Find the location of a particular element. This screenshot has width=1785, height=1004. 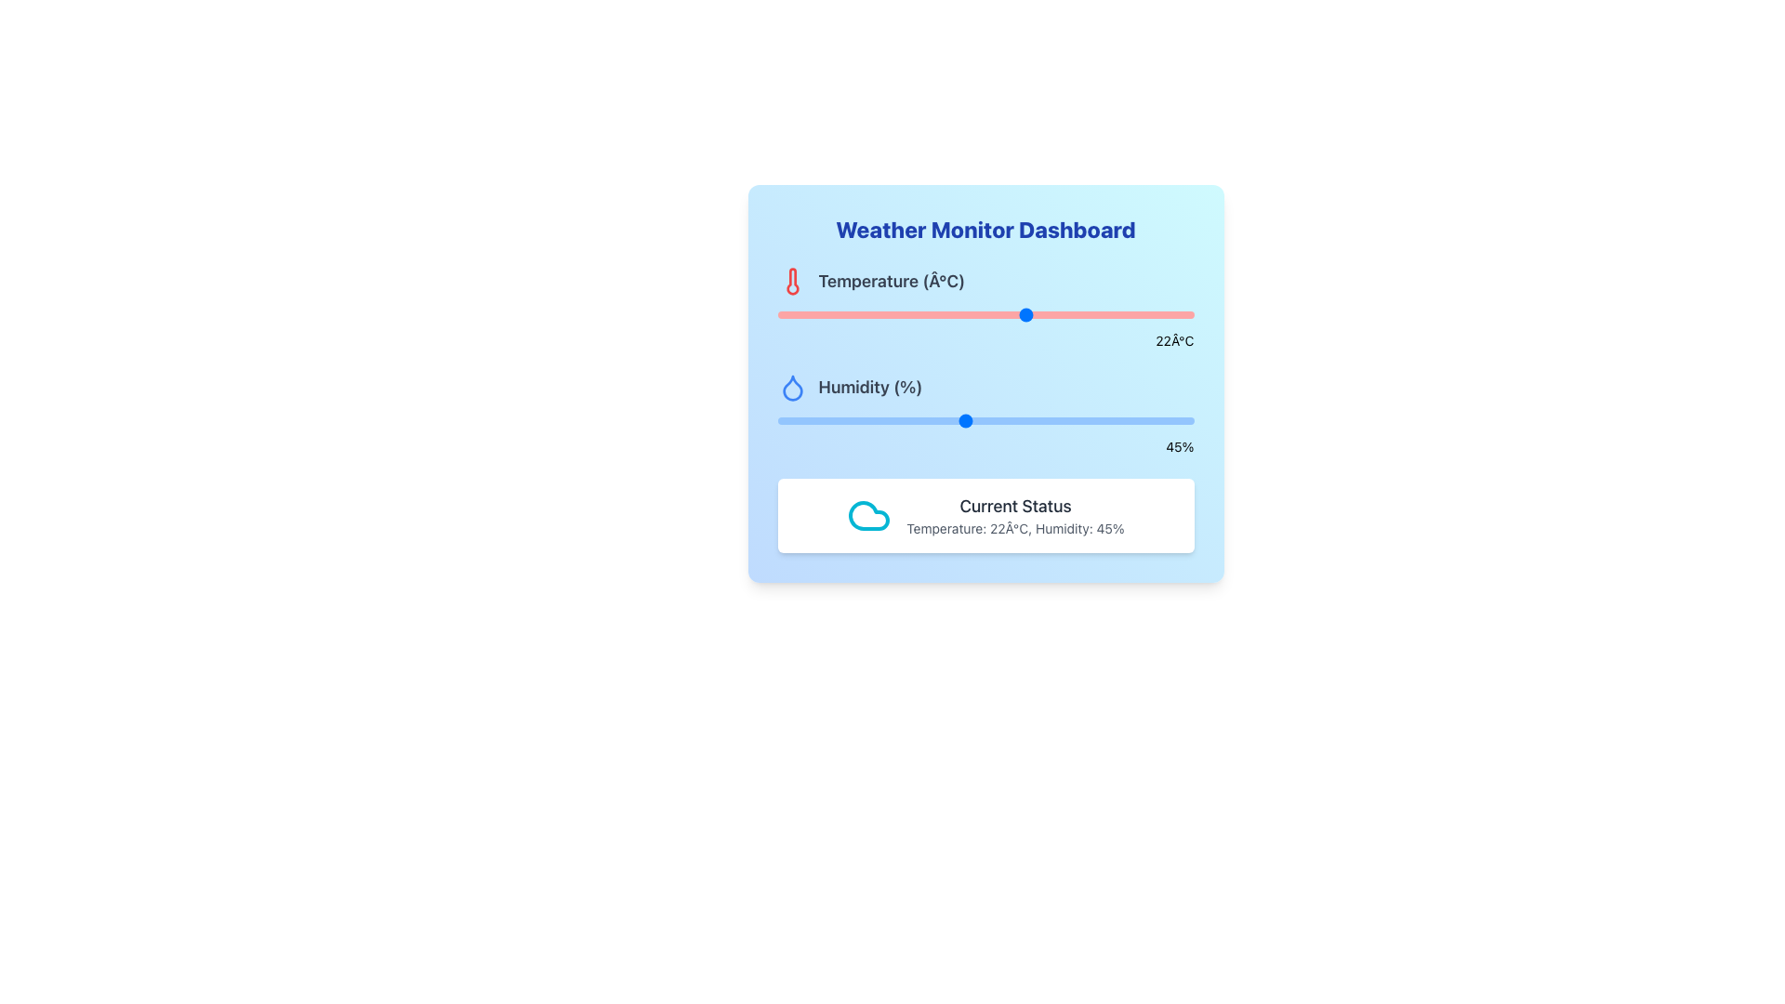

the weather status icon located on the left side of the box displaying the current temperature and humidity information is located at coordinates (868, 516).